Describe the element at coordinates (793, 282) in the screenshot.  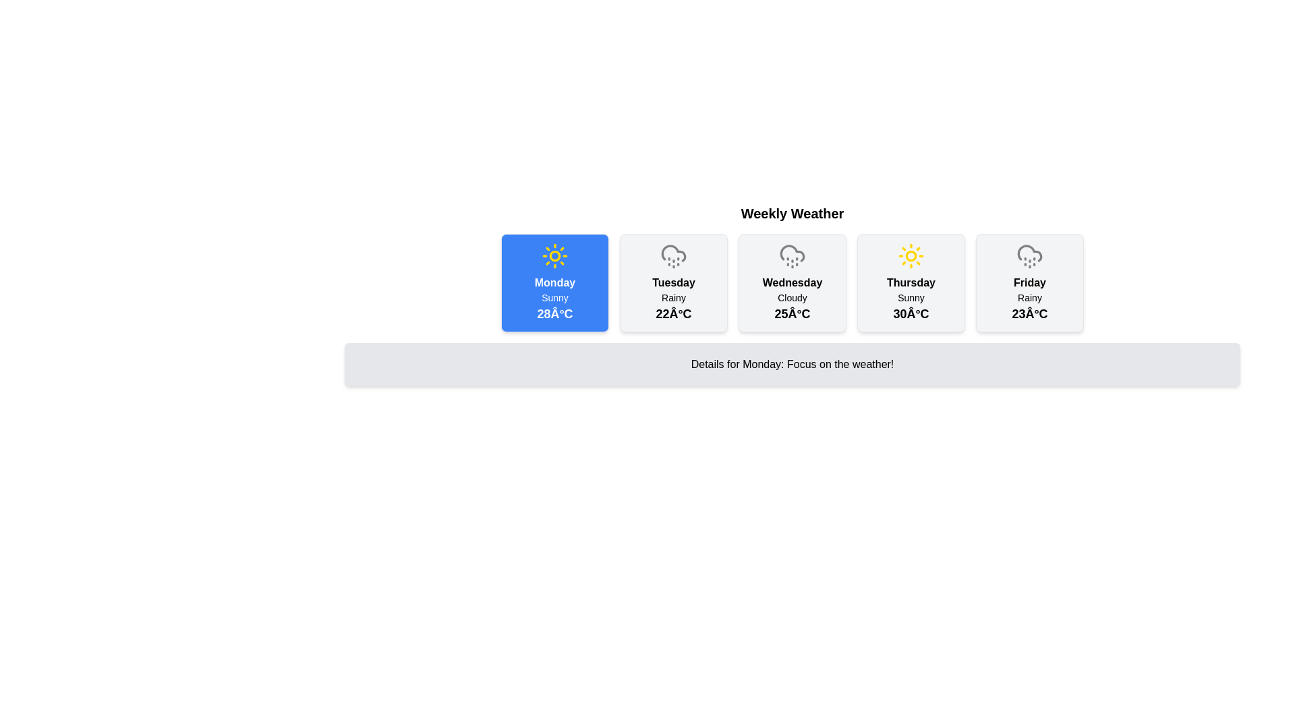
I see `the static text element indicating the day of the week for the weather forecast in the third weather card from the left` at that location.